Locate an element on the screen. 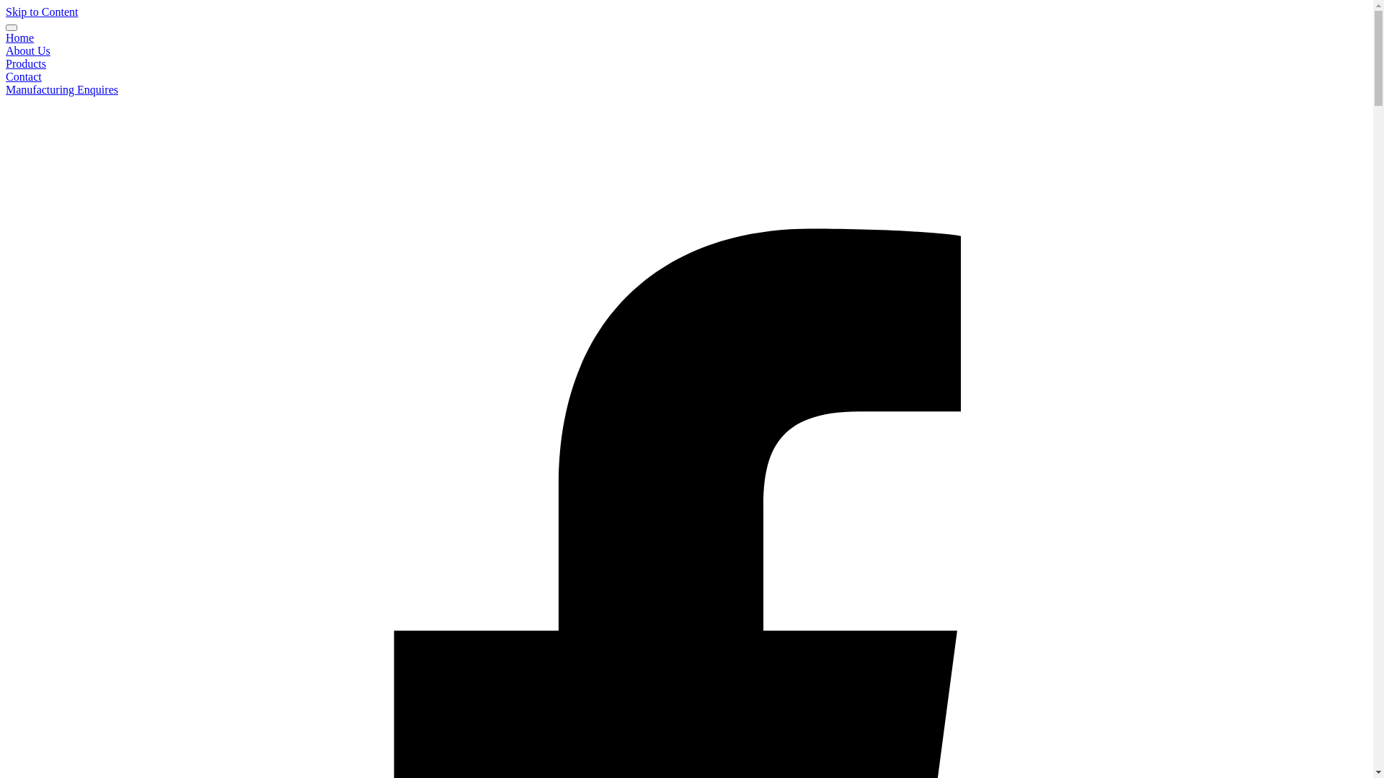  'About Us' is located at coordinates (27, 50).